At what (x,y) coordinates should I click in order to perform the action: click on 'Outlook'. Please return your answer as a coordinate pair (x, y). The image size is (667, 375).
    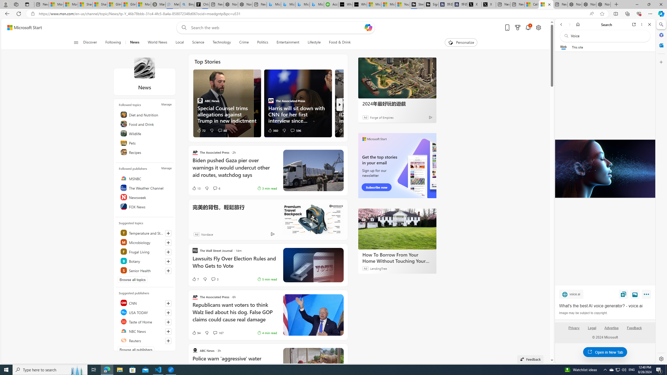
    Looking at the image, I should click on (660, 45).